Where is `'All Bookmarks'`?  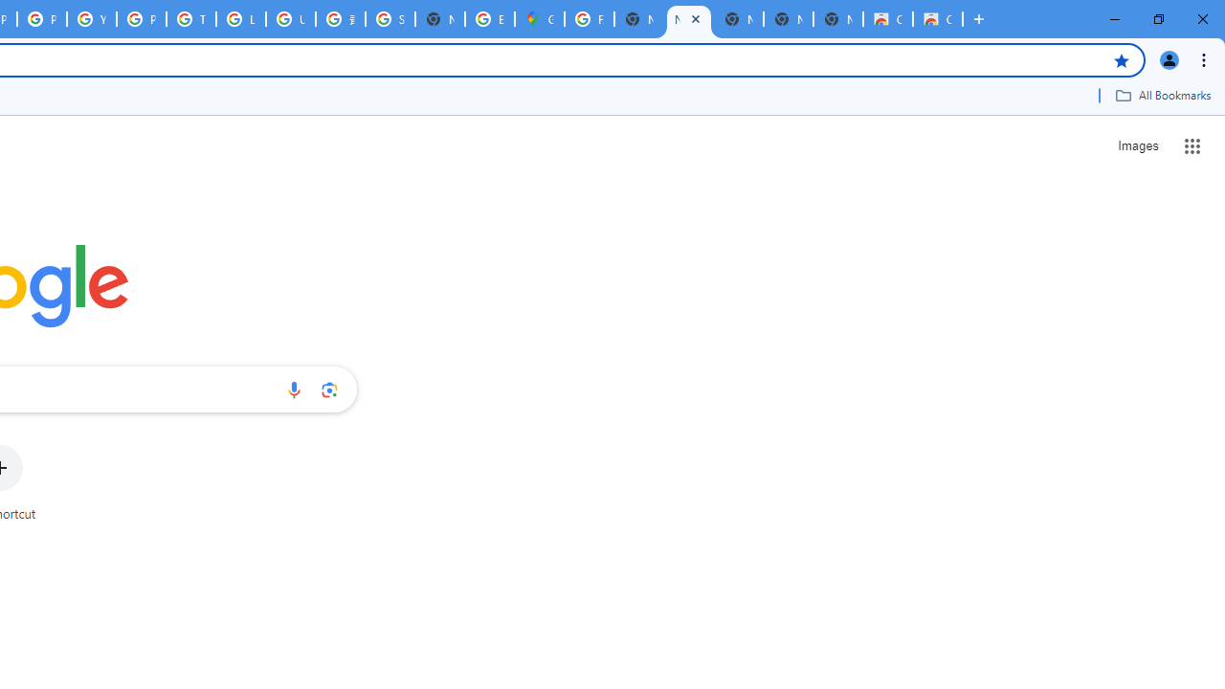 'All Bookmarks' is located at coordinates (1162, 95).